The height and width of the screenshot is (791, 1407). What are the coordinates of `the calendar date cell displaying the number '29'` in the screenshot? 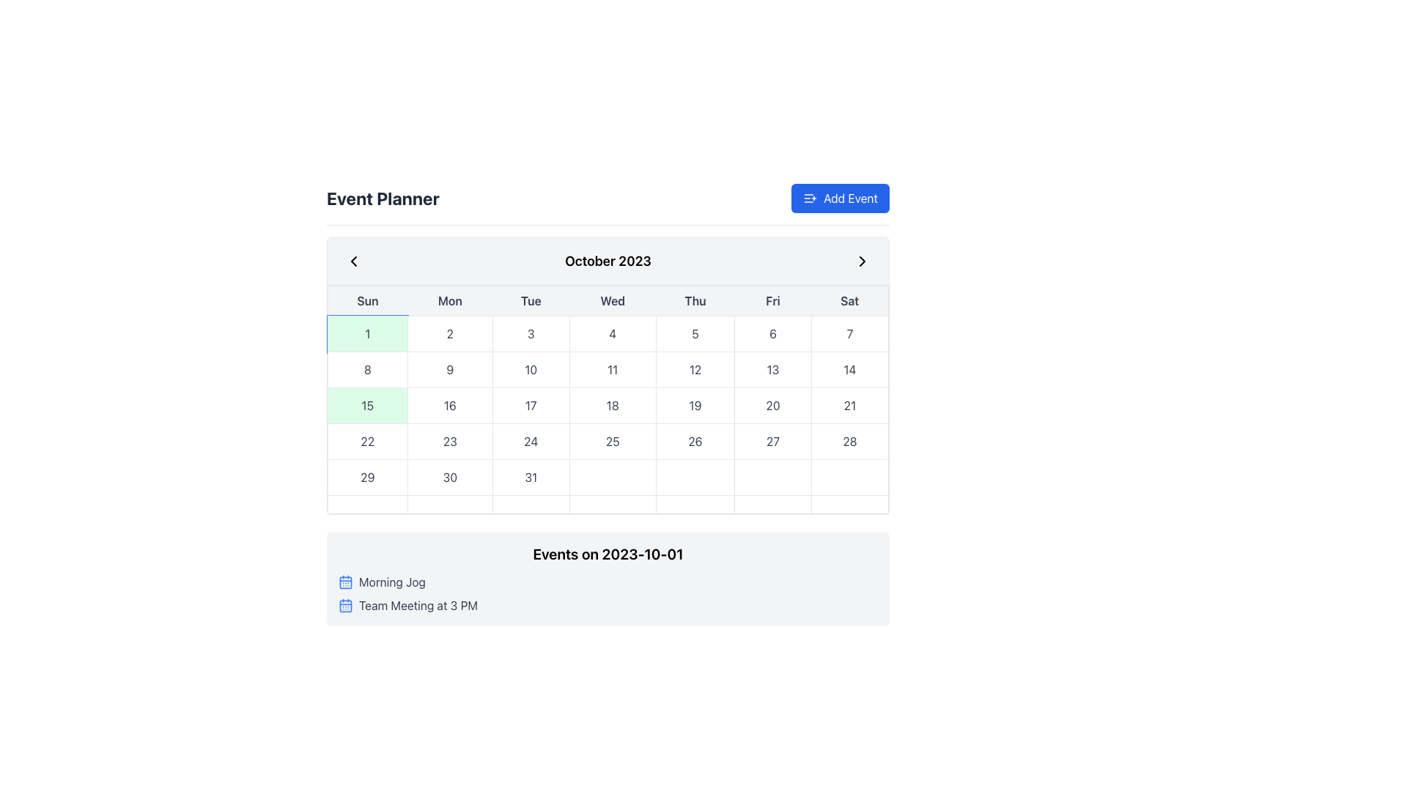 It's located at (367, 477).